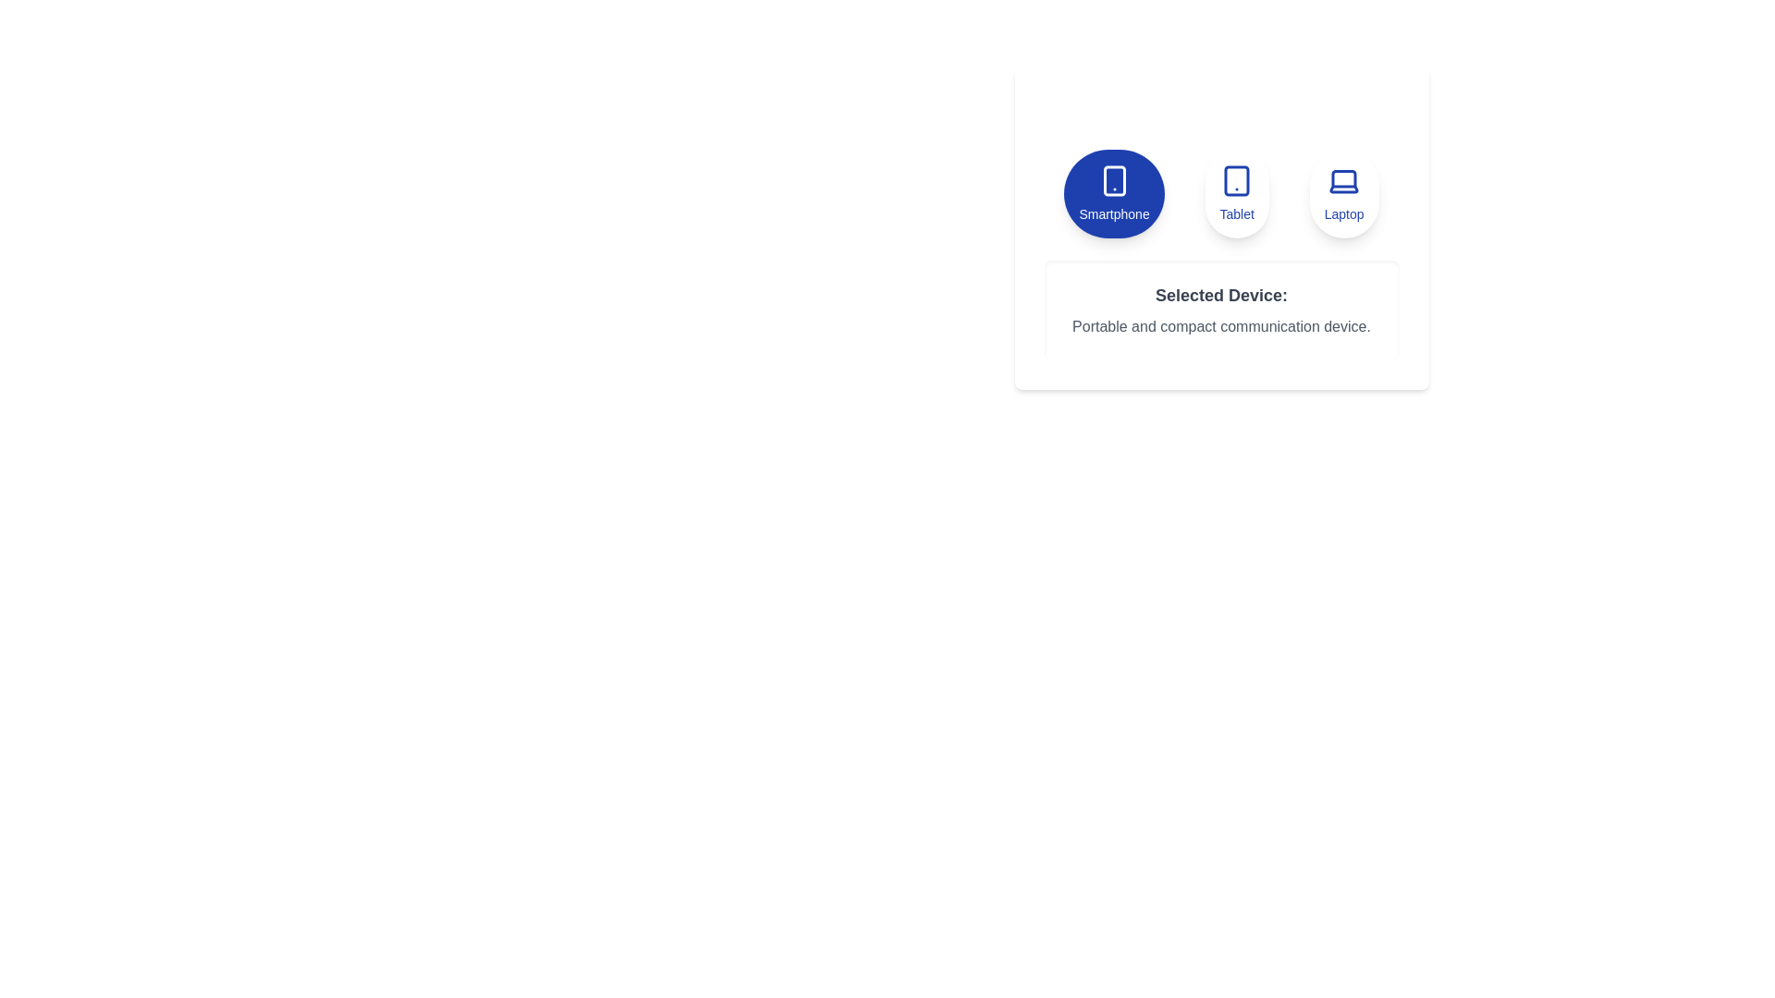  What do you see at coordinates (1113, 193) in the screenshot?
I see `the Smartphone button to observe its hover effect` at bounding box center [1113, 193].